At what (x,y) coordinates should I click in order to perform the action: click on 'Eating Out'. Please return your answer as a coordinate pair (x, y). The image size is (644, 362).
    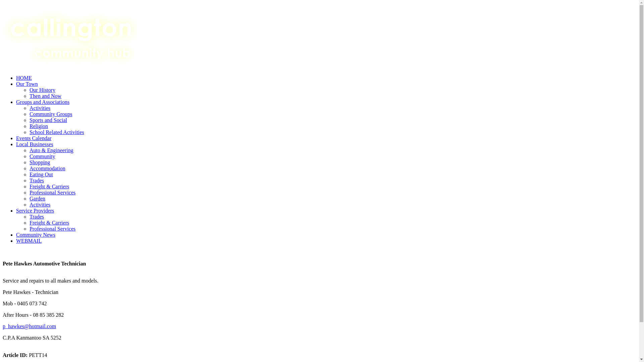
    Looking at the image, I should click on (29, 174).